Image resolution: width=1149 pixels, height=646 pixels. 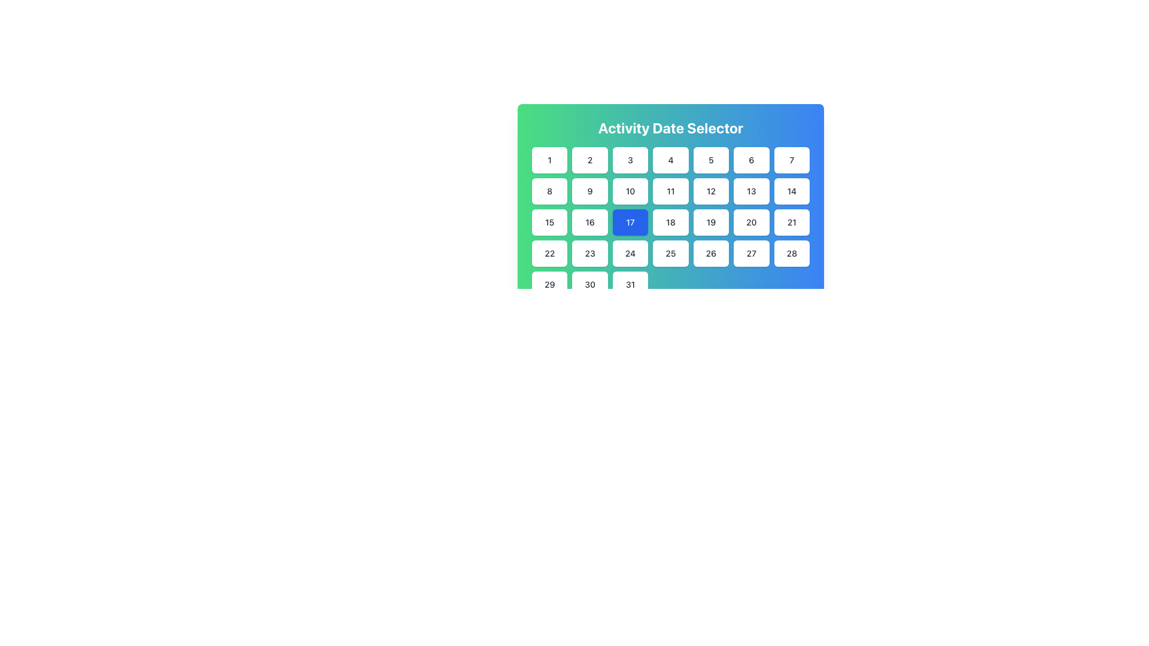 I want to click on the rounded rectangular button with a white background and centered text '8', so click(x=549, y=191).